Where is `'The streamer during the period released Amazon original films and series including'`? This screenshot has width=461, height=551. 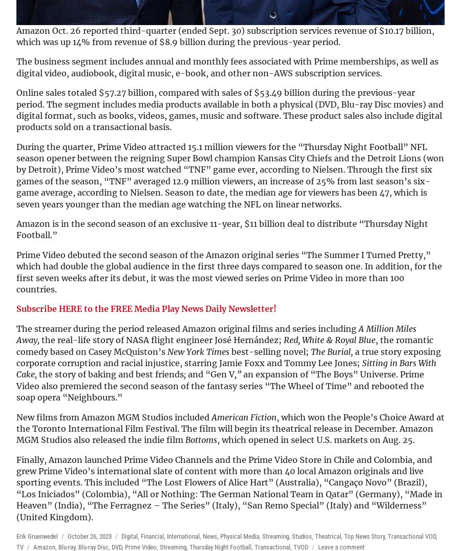 'The streamer during the period released Amazon original films and series including' is located at coordinates (187, 327).